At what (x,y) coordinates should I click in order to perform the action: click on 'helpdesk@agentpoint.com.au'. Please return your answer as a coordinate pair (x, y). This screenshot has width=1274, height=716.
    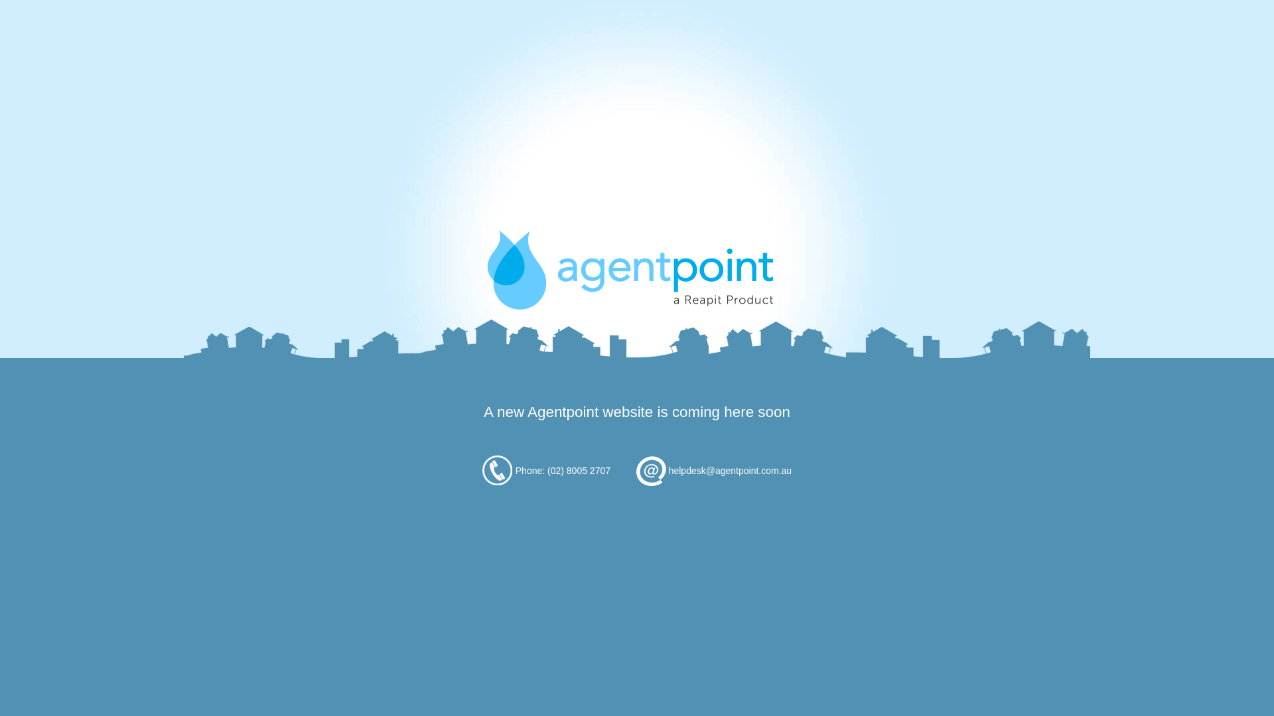
    Looking at the image, I should click on (669, 469).